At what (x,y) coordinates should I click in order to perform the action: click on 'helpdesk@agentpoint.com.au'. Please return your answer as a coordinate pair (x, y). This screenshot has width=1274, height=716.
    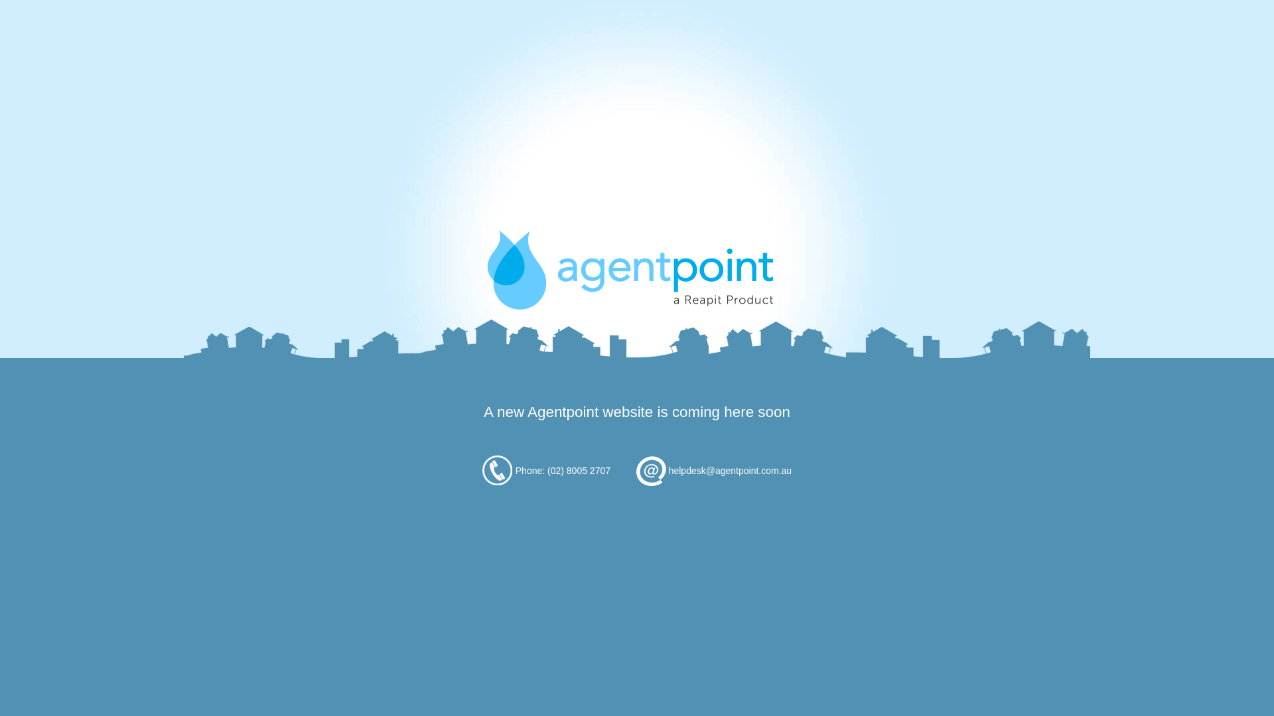
    Looking at the image, I should click on (669, 469).